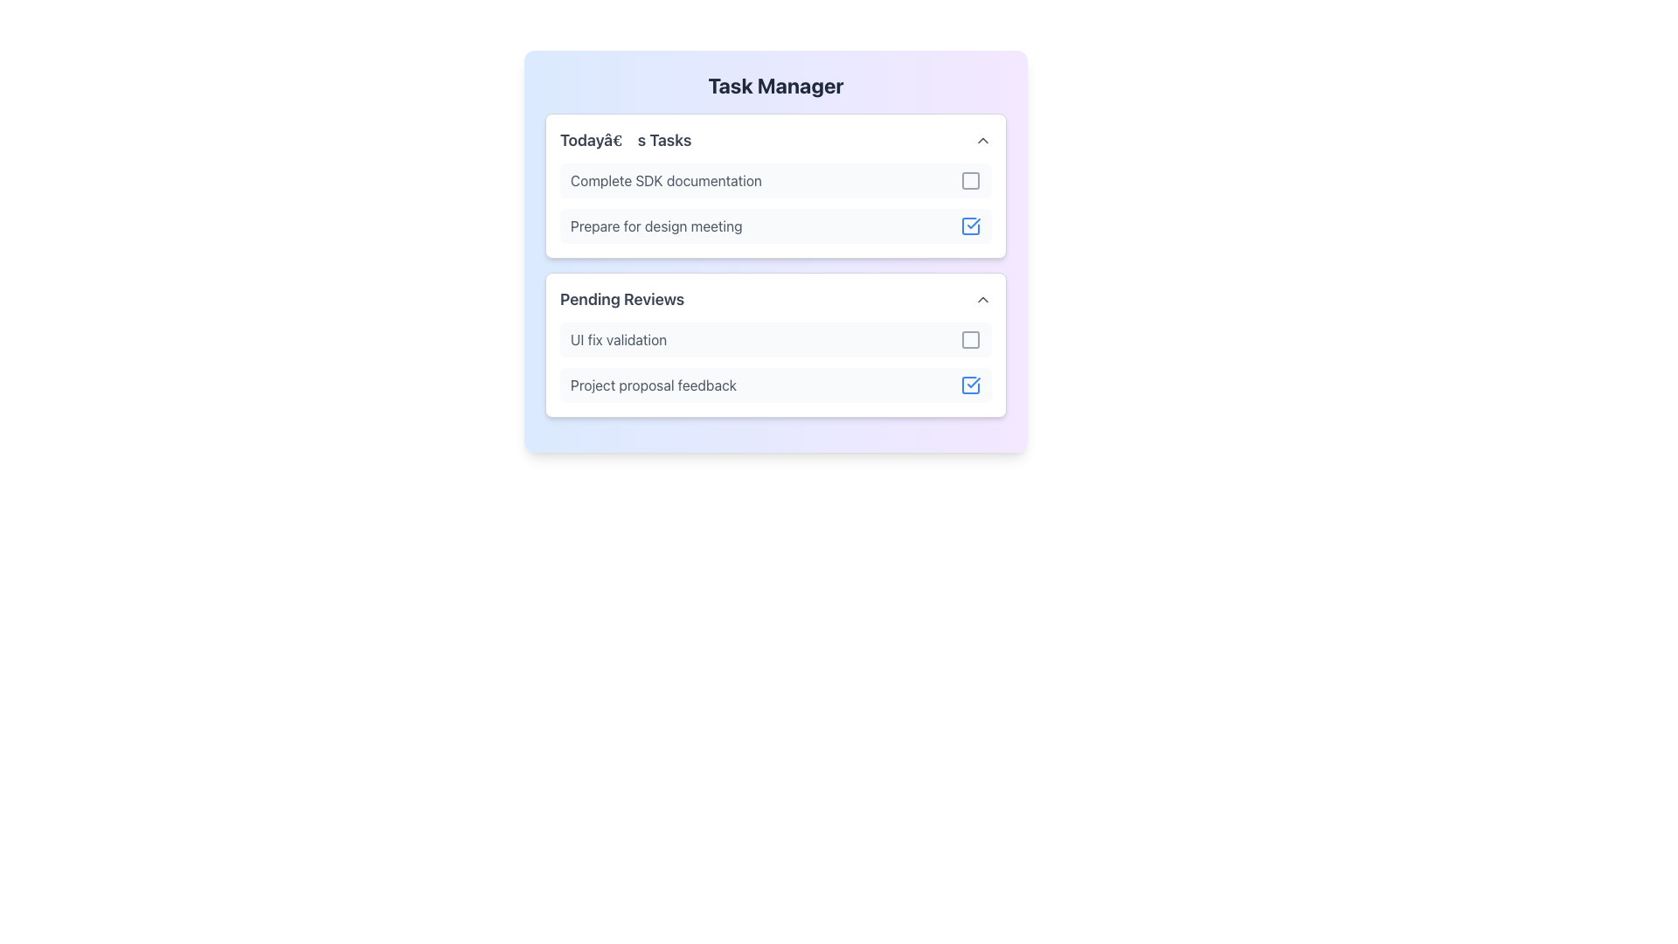 This screenshot has height=944, width=1678. Describe the element at coordinates (655, 225) in the screenshot. I see `the static text label reading 'Prepare for design meeting' in the 'Today's Tasks' section of the Task Manager interface` at that location.